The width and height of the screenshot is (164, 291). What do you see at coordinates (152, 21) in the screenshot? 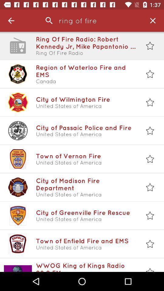
I see `item next to the ring of fire item` at bounding box center [152, 21].